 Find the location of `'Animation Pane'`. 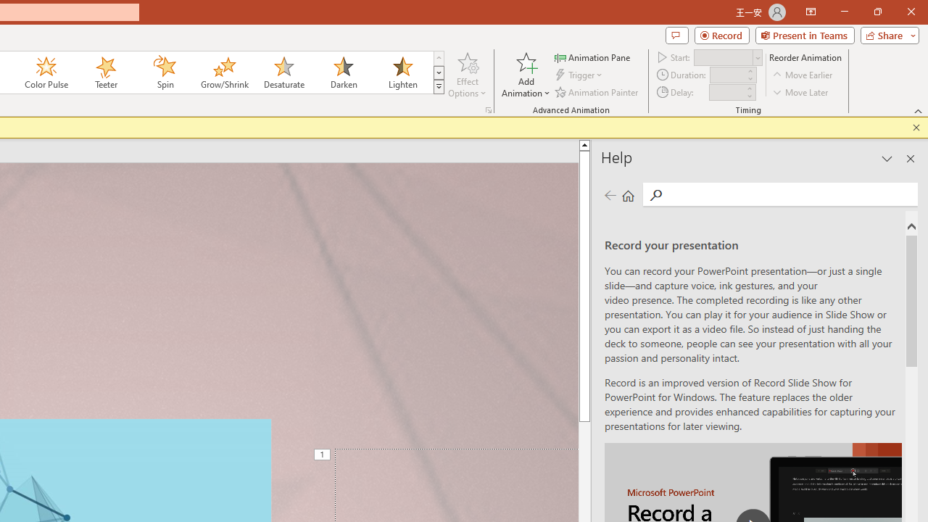

'Animation Pane' is located at coordinates (593, 57).